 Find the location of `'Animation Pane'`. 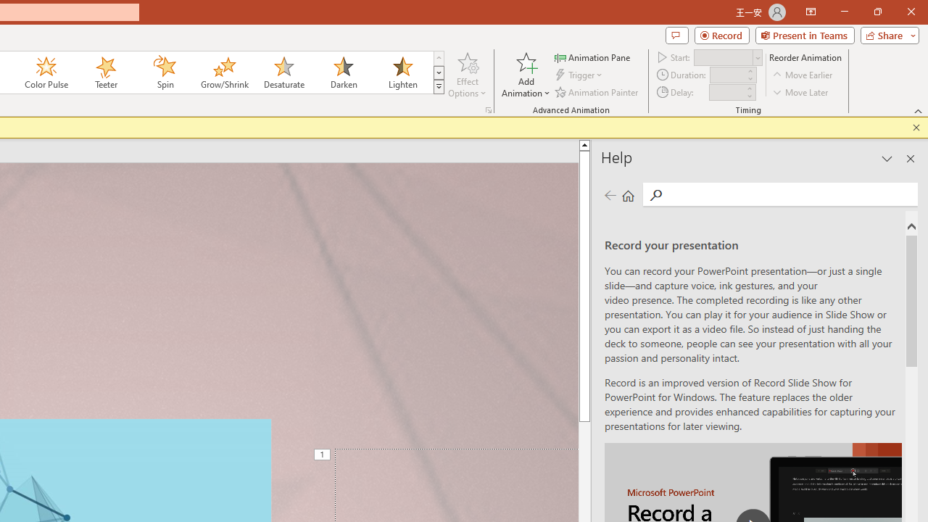

'Animation Pane' is located at coordinates (593, 57).